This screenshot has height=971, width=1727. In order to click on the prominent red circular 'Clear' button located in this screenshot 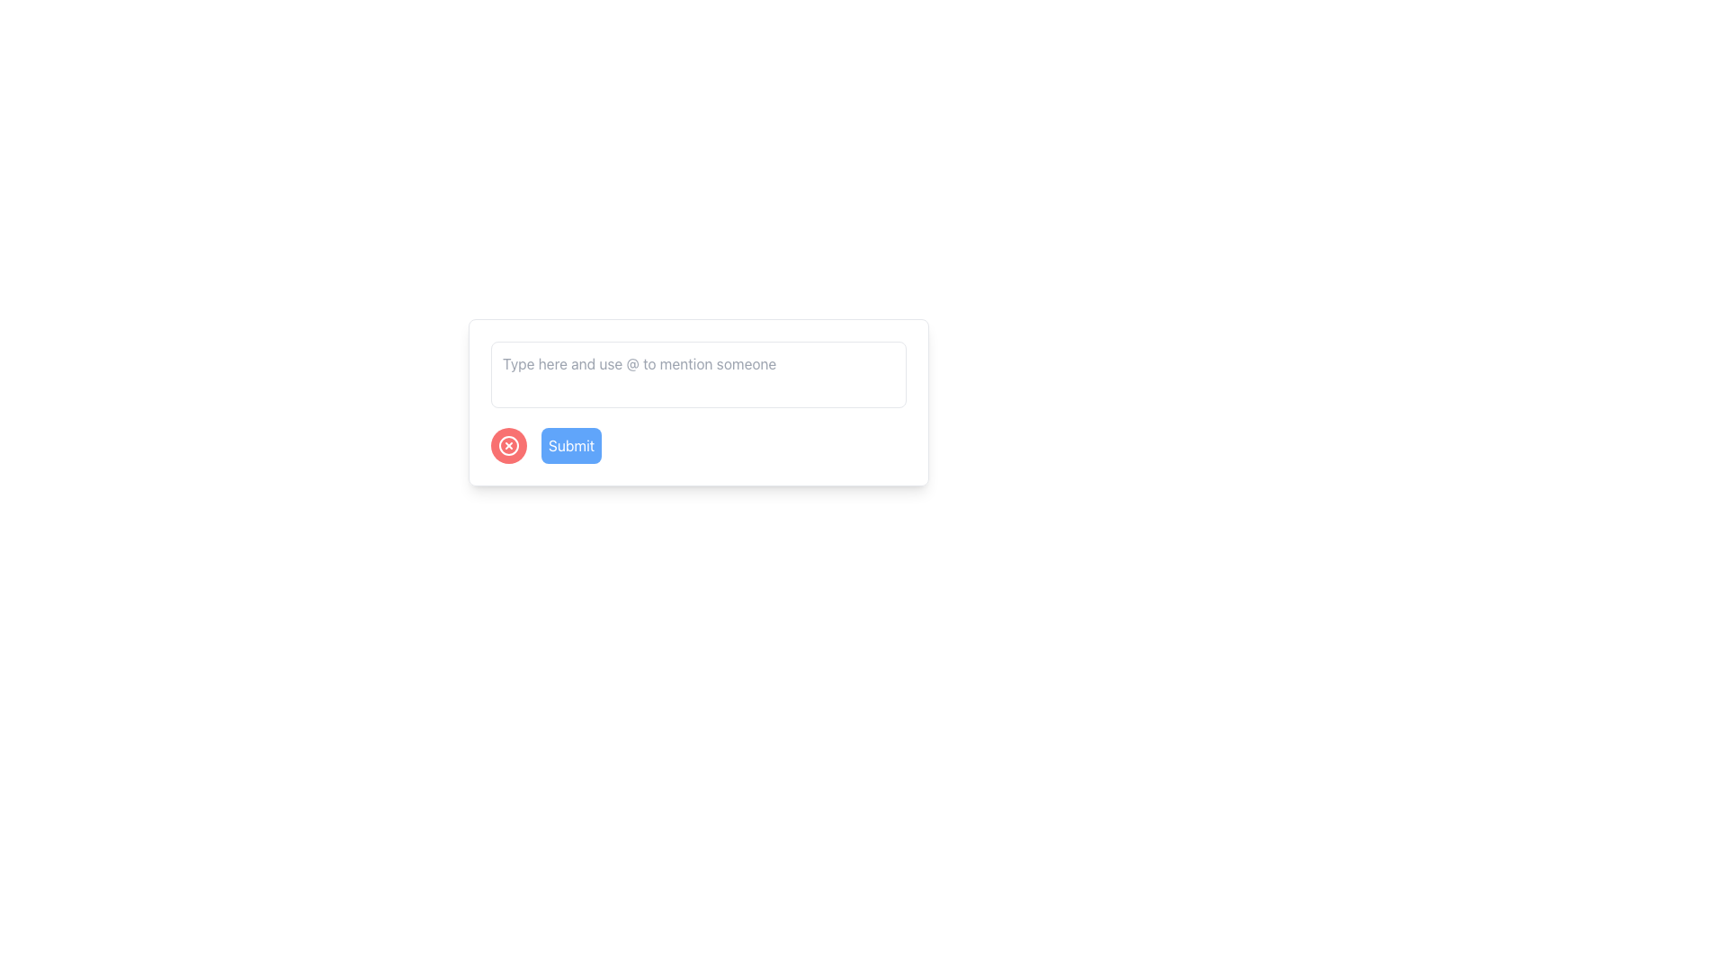, I will do `click(508, 445)`.